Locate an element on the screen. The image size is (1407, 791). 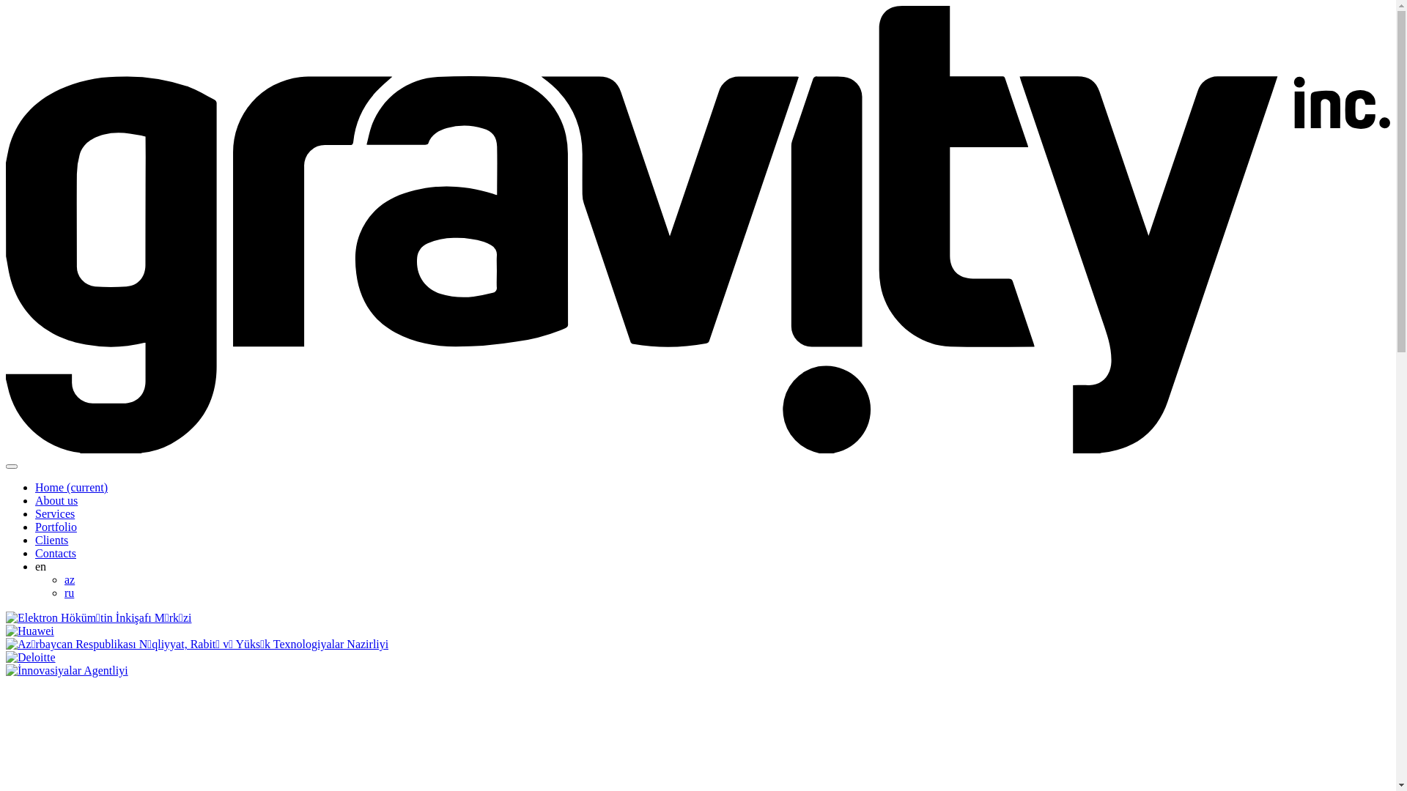
'ru' is located at coordinates (68, 592).